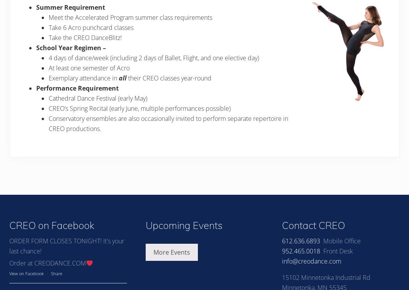  What do you see at coordinates (311, 260) in the screenshot?
I see `'info@creodance.com'` at bounding box center [311, 260].